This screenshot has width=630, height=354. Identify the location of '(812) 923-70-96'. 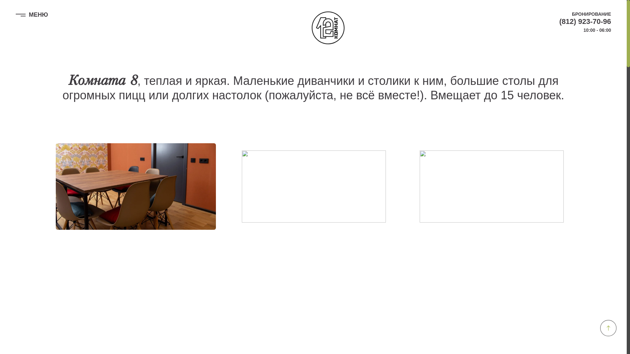
(585, 21).